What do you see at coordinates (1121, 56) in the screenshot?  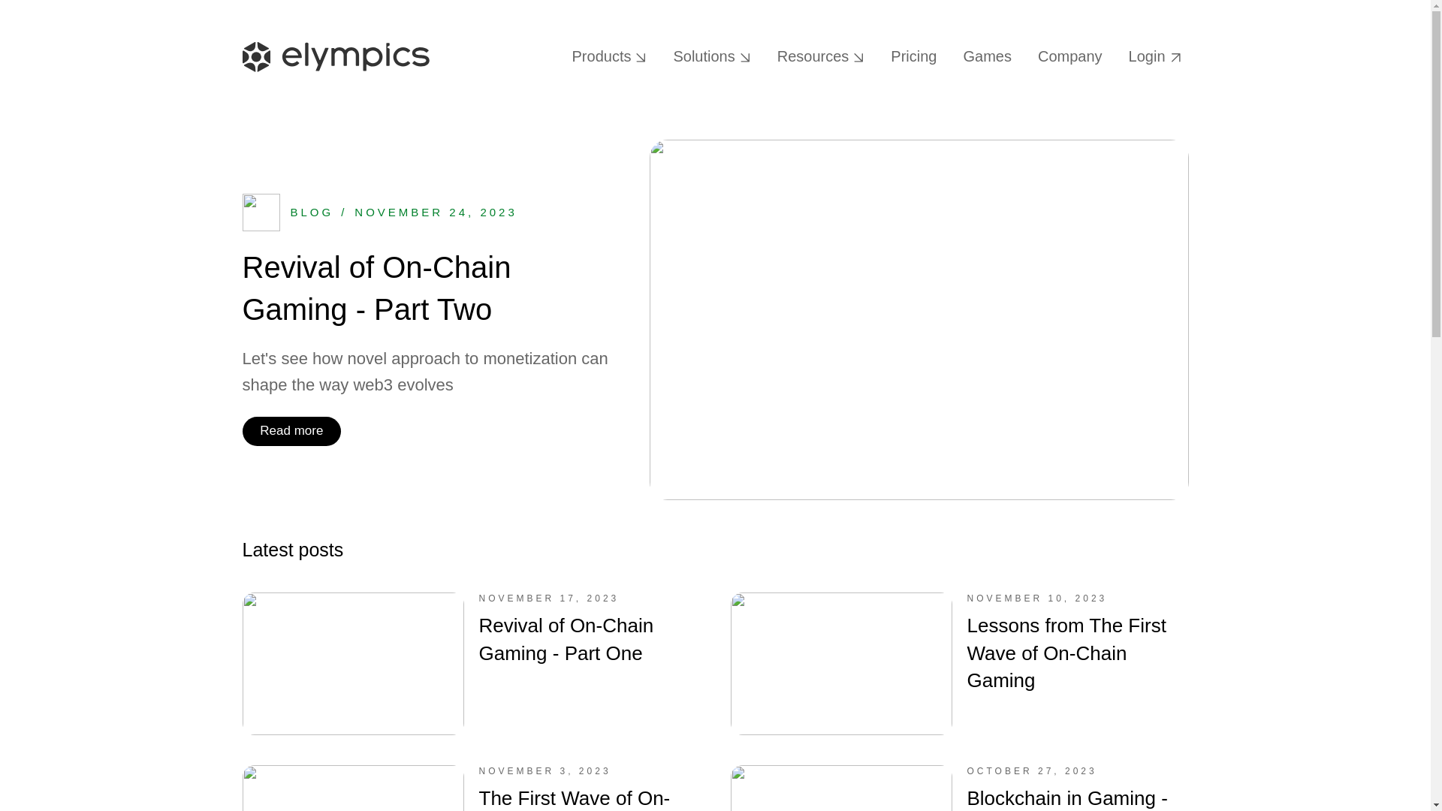 I see `'Login'` at bounding box center [1121, 56].